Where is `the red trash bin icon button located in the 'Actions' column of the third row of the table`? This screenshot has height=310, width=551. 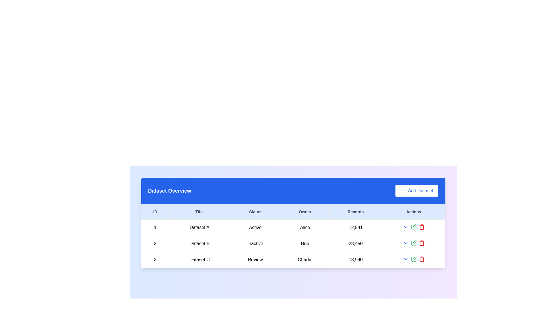
the red trash bin icon button located in the 'Actions' column of the third row of the table is located at coordinates (422, 259).